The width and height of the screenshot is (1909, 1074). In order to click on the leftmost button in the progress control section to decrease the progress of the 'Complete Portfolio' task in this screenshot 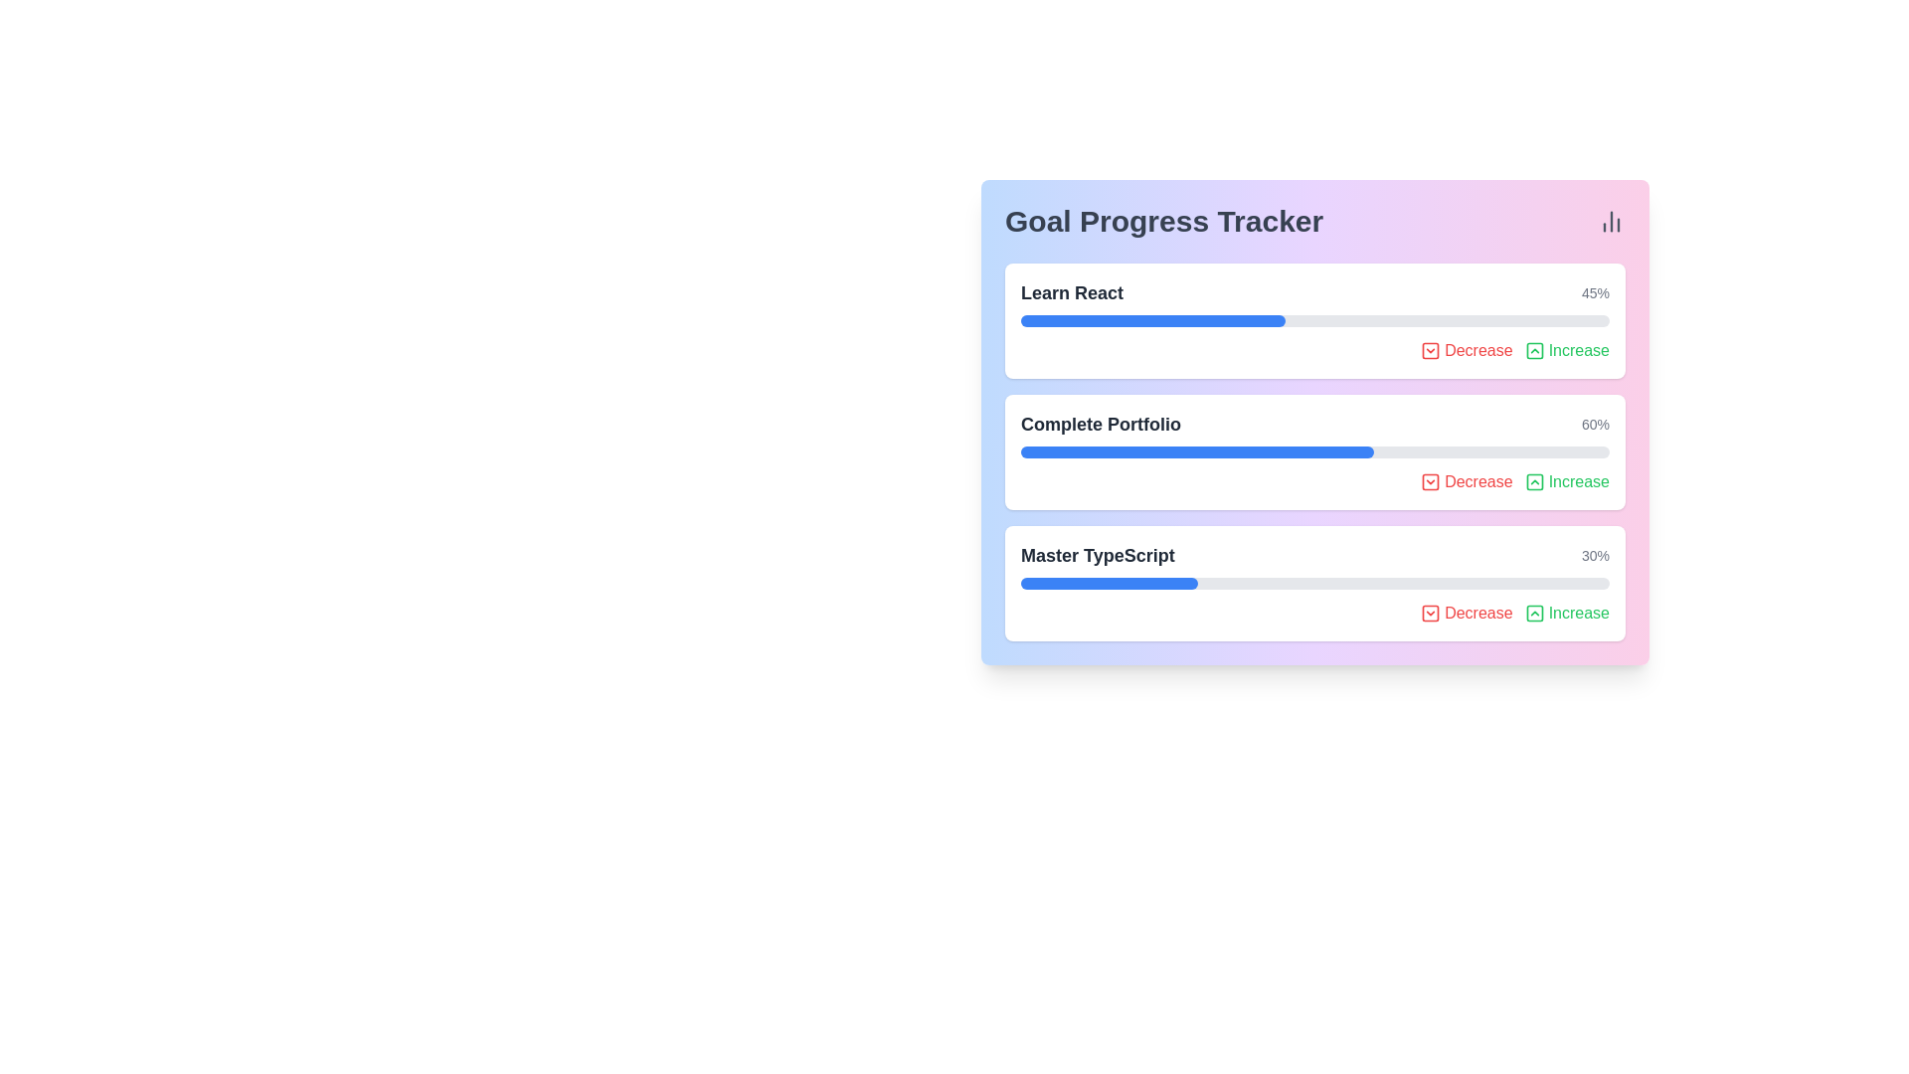, I will do `click(1467, 482)`.